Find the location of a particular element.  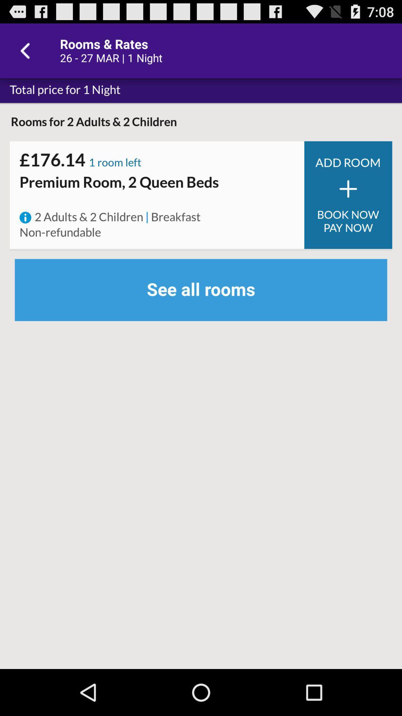

the item above see all rooms icon is located at coordinates (60, 232).